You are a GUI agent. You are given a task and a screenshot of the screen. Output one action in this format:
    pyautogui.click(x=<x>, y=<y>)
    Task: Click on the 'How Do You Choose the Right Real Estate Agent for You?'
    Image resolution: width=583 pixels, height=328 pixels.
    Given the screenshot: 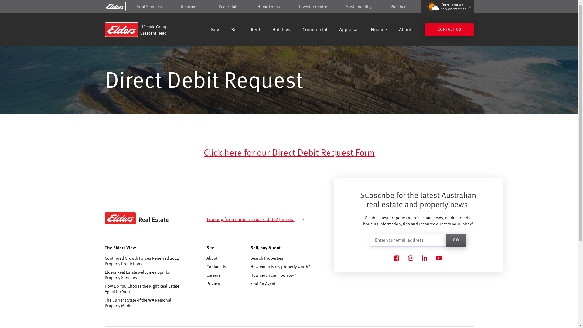 What is the action you would take?
    pyautogui.click(x=105, y=289)
    